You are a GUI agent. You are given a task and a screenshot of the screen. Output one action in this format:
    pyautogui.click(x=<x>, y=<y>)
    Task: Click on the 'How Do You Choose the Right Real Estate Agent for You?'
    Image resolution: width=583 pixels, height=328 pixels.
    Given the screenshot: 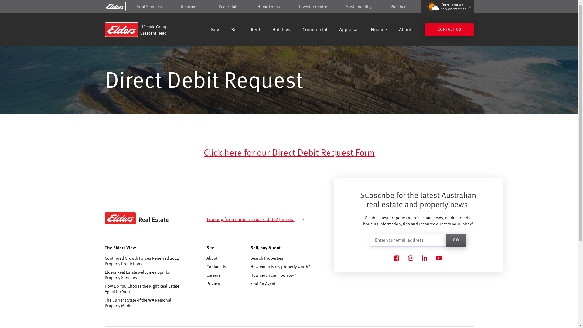 What is the action you would take?
    pyautogui.click(x=105, y=289)
    